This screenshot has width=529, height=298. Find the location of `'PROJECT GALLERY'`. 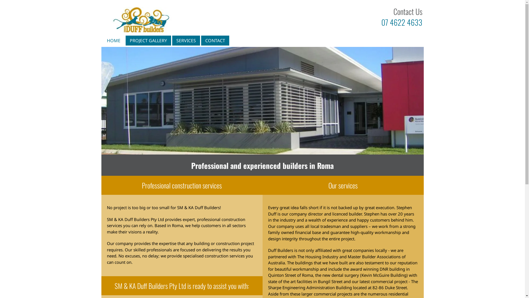

'PROJECT GALLERY' is located at coordinates (148, 40).